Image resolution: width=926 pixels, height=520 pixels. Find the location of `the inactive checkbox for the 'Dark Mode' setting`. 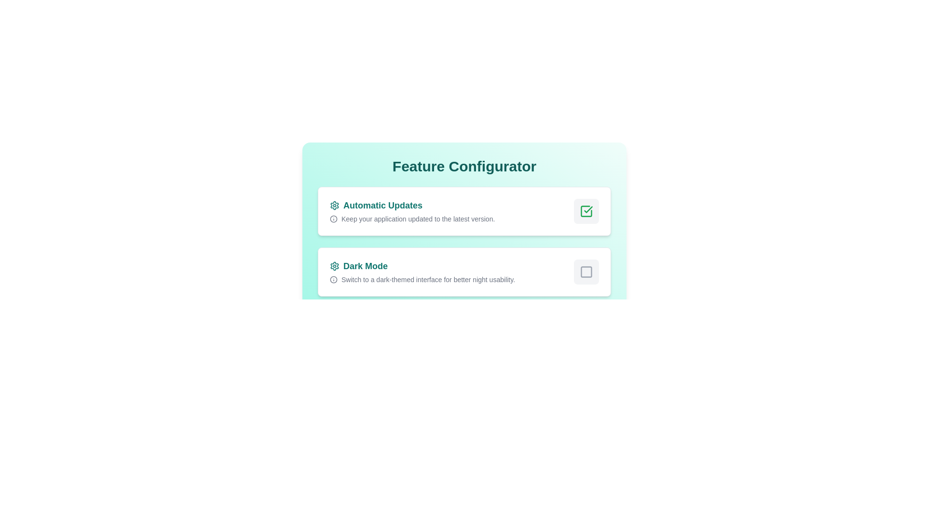

the inactive checkbox for the 'Dark Mode' setting is located at coordinates (586, 272).